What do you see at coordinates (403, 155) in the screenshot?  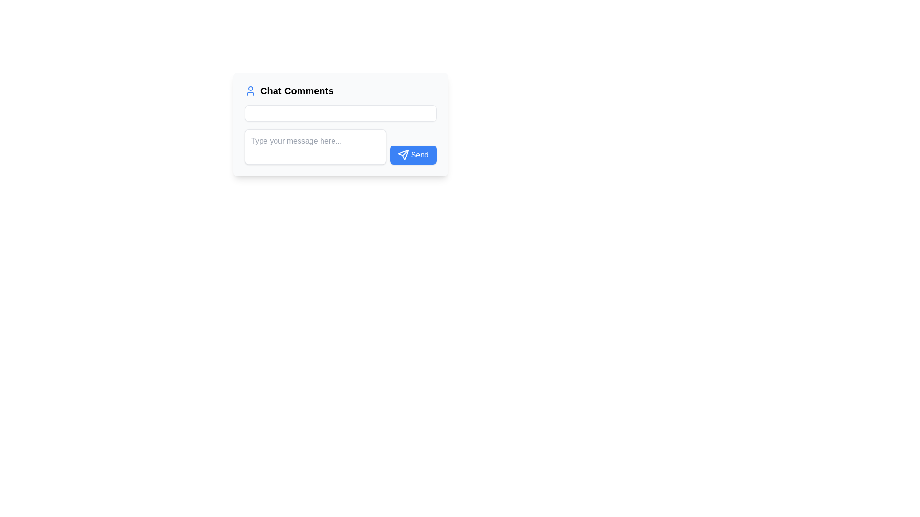 I see `the 'send' button graphic element located at the bottom-right section of the 'Chat Comments' panel` at bounding box center [403, 155].